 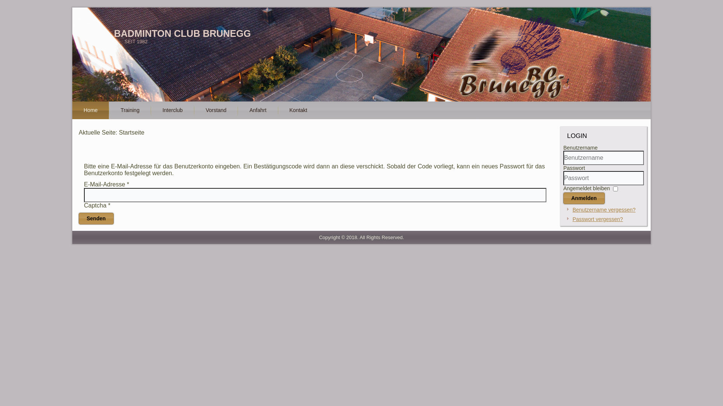 I want to click on 'Vorstand', so click(x=194, y=110).